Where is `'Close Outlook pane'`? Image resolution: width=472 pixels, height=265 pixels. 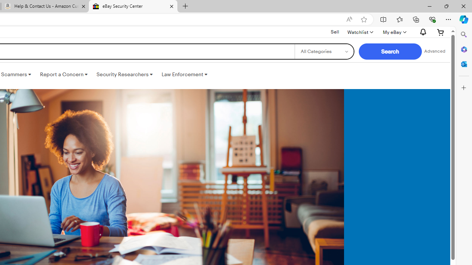
'Close Outlook pane' is located at coordinates (464, 64).